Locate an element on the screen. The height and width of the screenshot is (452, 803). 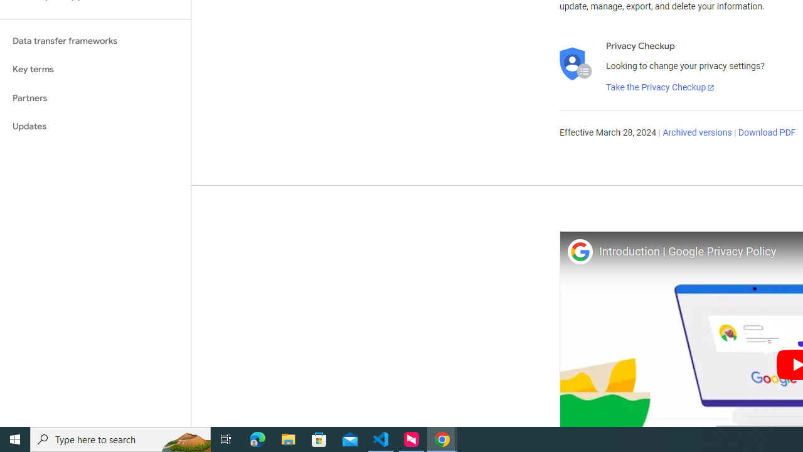
'Archived versions' is located at coordinates (696, 133).